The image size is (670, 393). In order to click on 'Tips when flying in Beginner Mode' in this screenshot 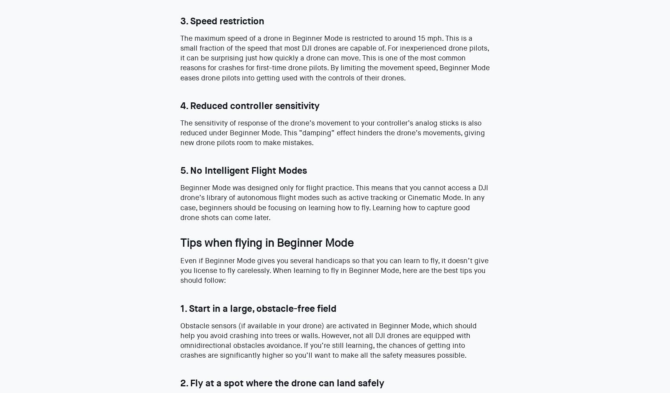, I will do `click(266, 243)`.